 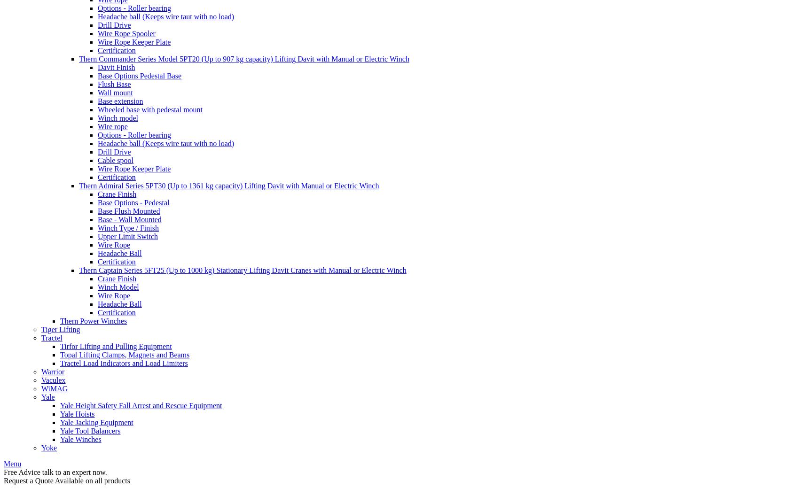 I want to click on 'Yale Jacking Equipment', so click(x=96, y=421).